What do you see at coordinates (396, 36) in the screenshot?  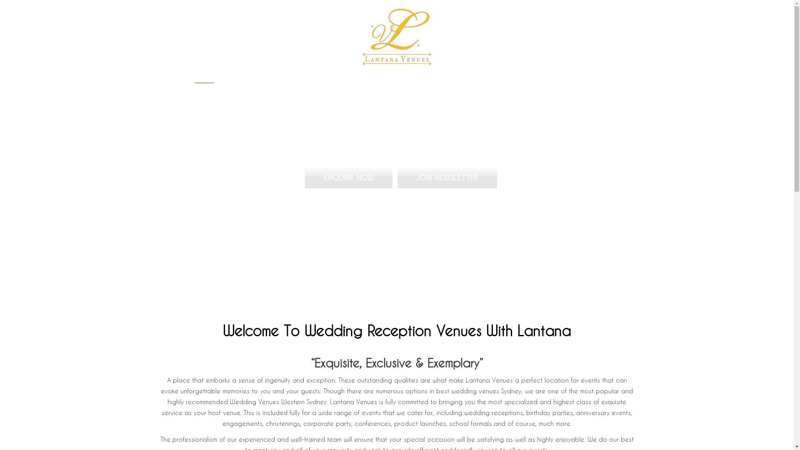 I see `'wedding venues western sydney'` at bounding box center [396, 36].